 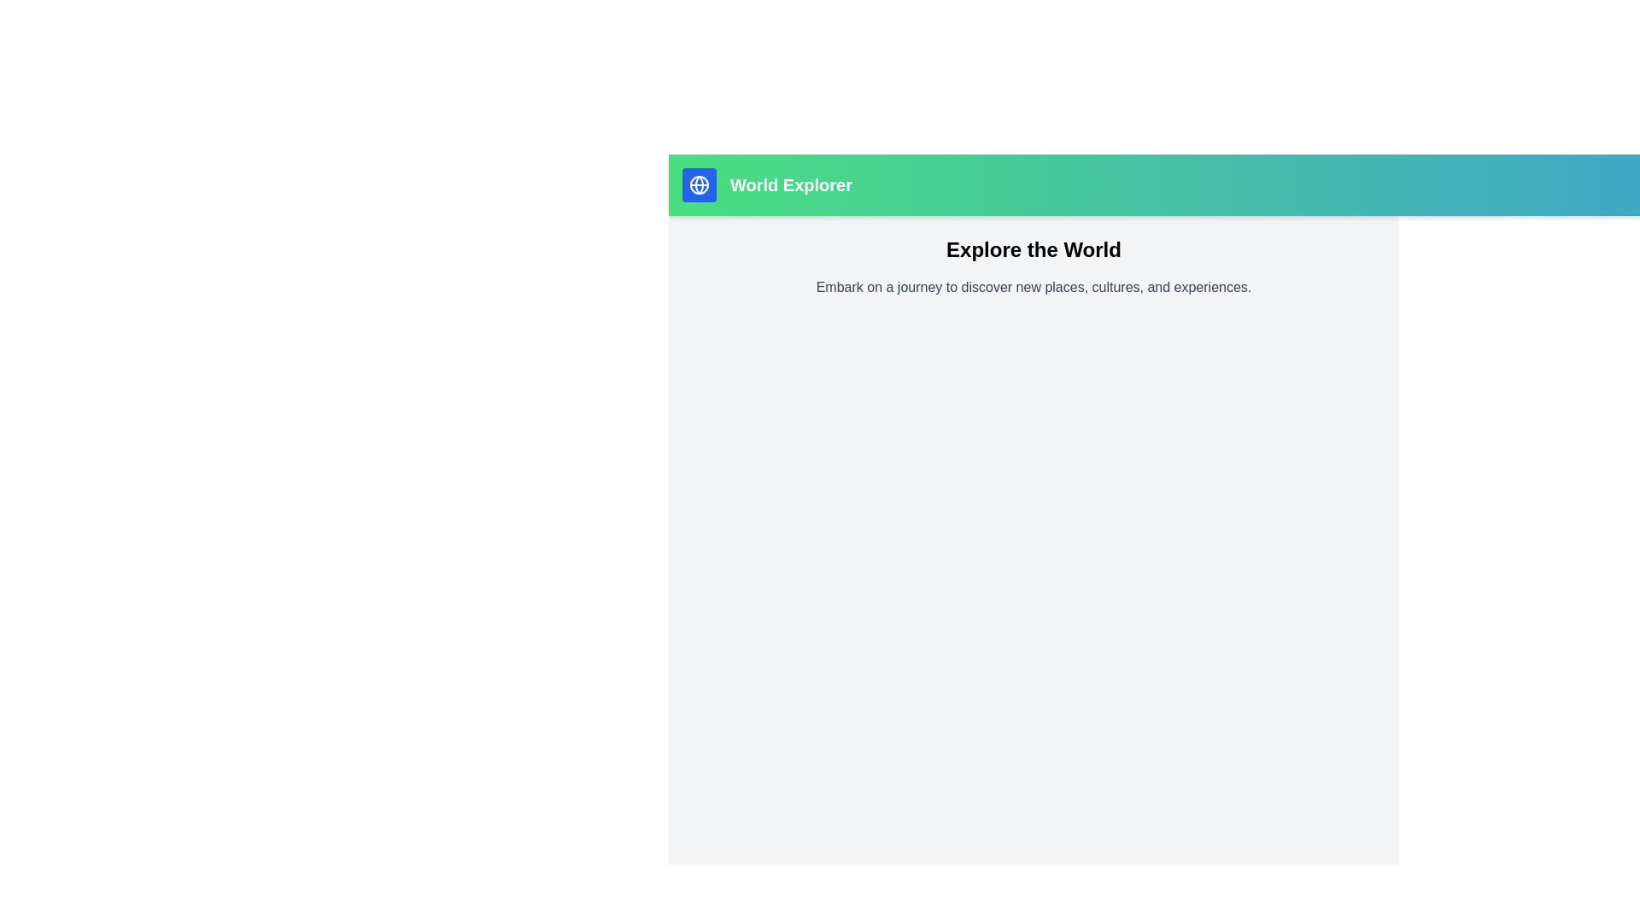 I want to click on the globe icon button in the top left corner of the app bar, so click(x=700, y=184).